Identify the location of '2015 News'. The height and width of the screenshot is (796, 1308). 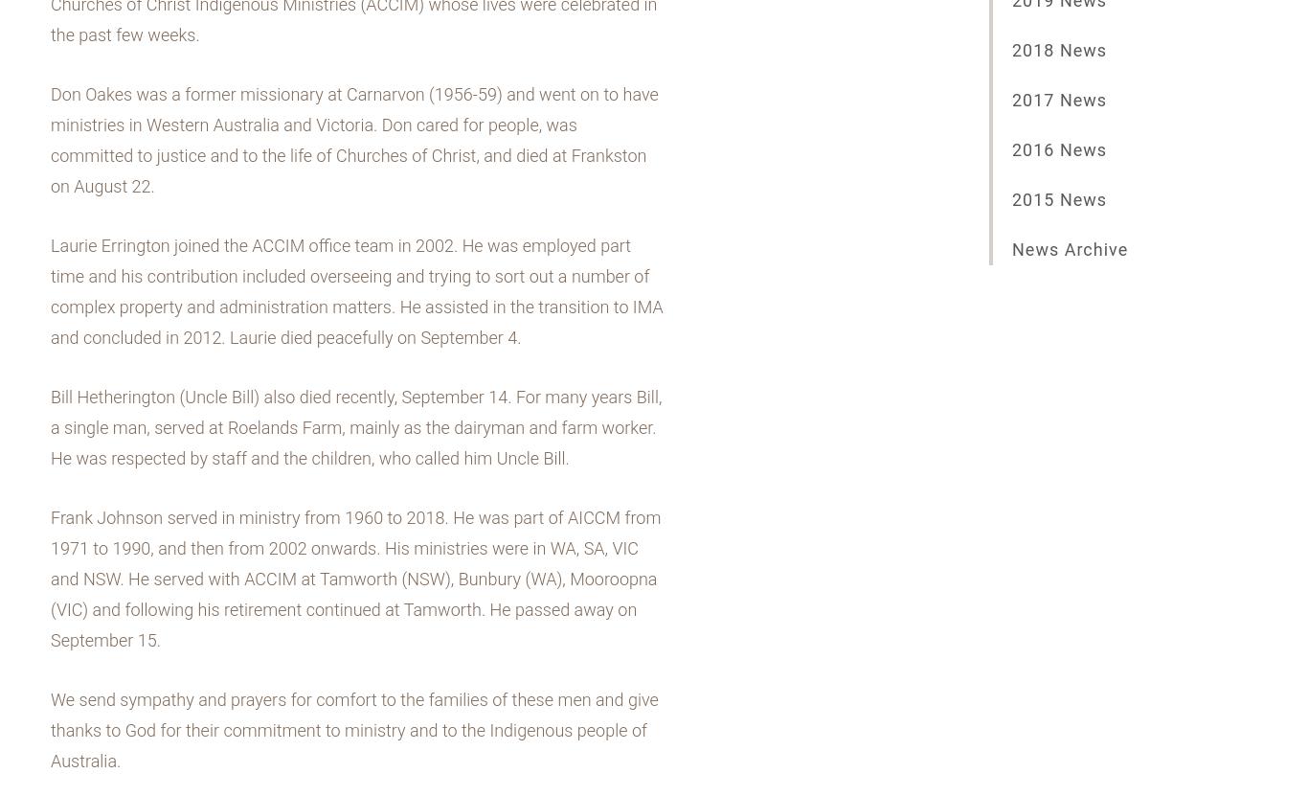
(1058, 199).